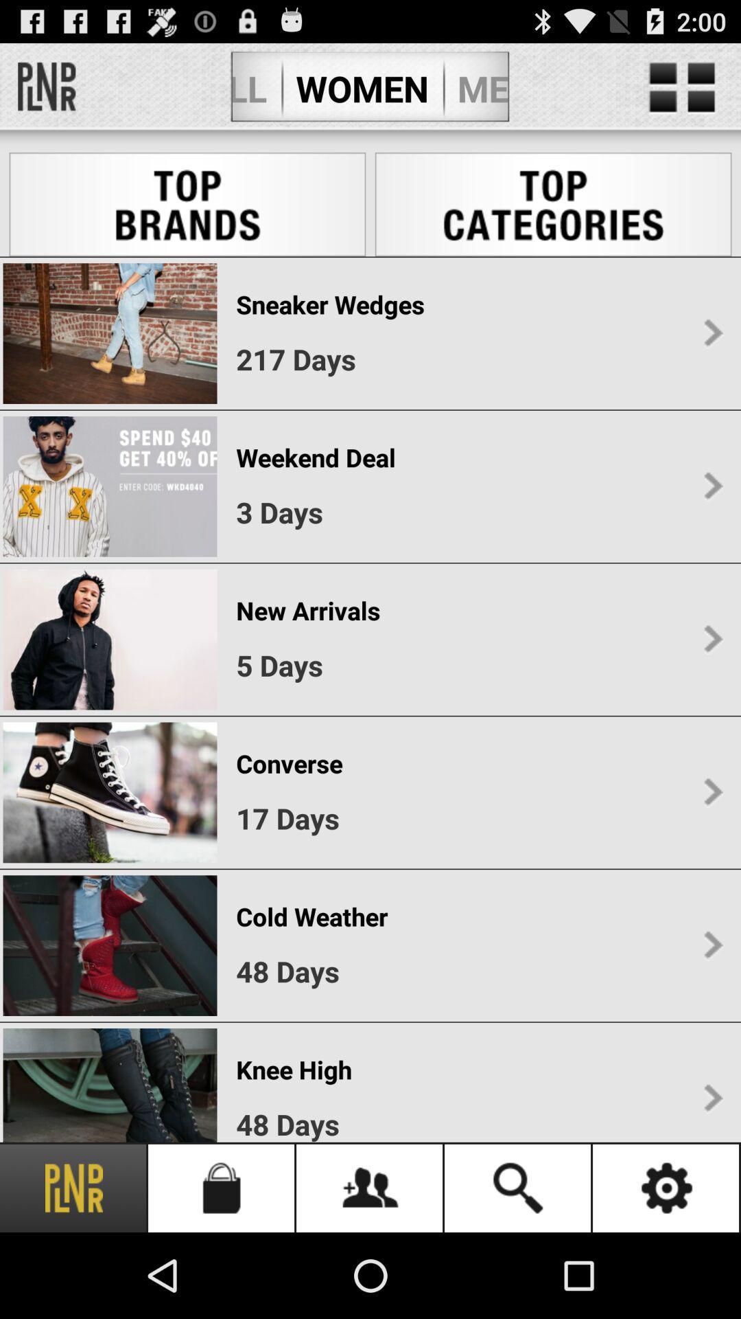 The image size is (741, 1319). Describe the element at coordinates (712, 1098) in the screenshot. I see `the right arrow above the settings icon` at that location.